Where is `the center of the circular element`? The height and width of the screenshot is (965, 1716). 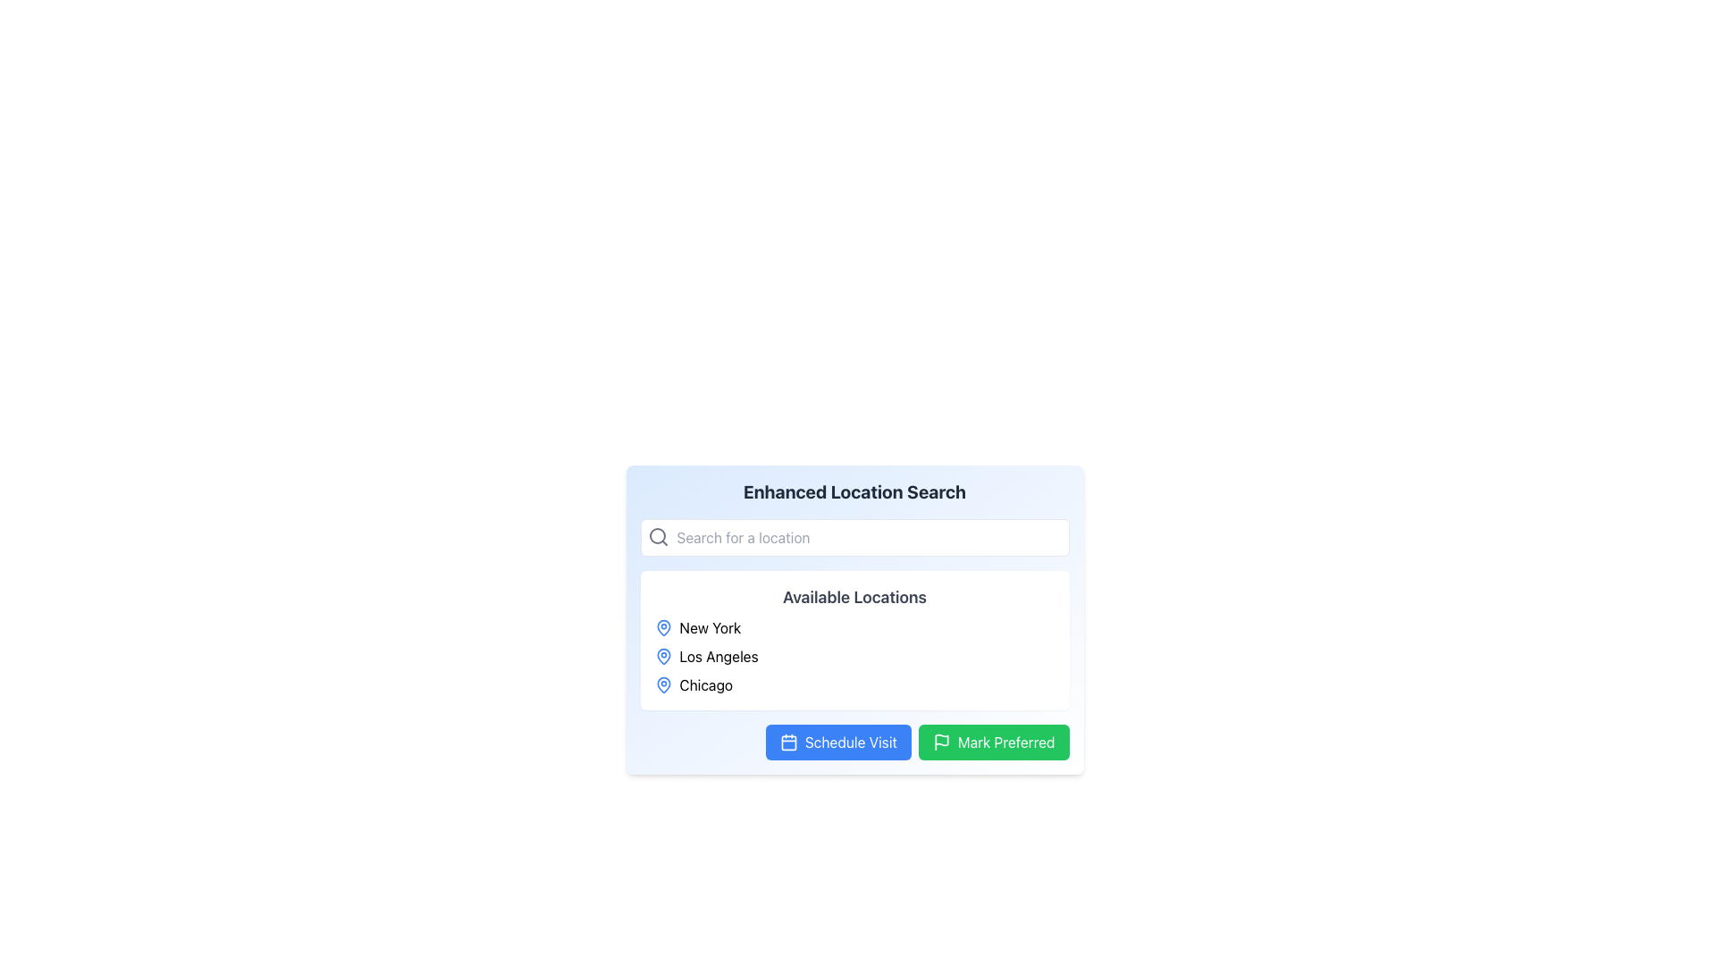
the center of the circular element is located at coordinates (656, 535).